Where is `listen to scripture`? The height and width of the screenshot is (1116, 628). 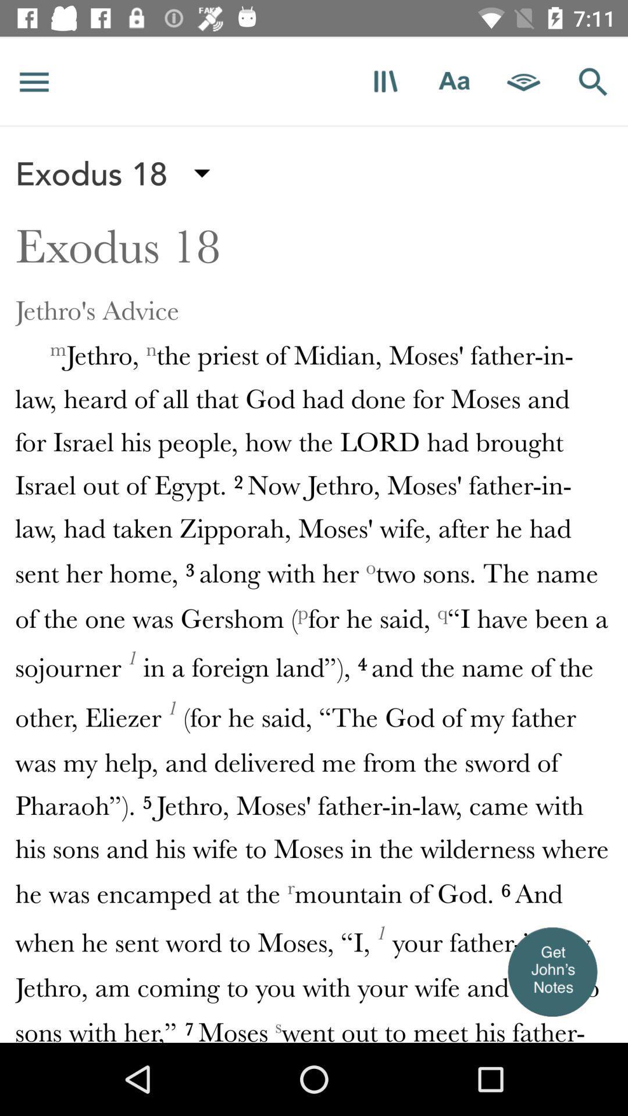
listen to scripture is located at coordinates (524, 81).